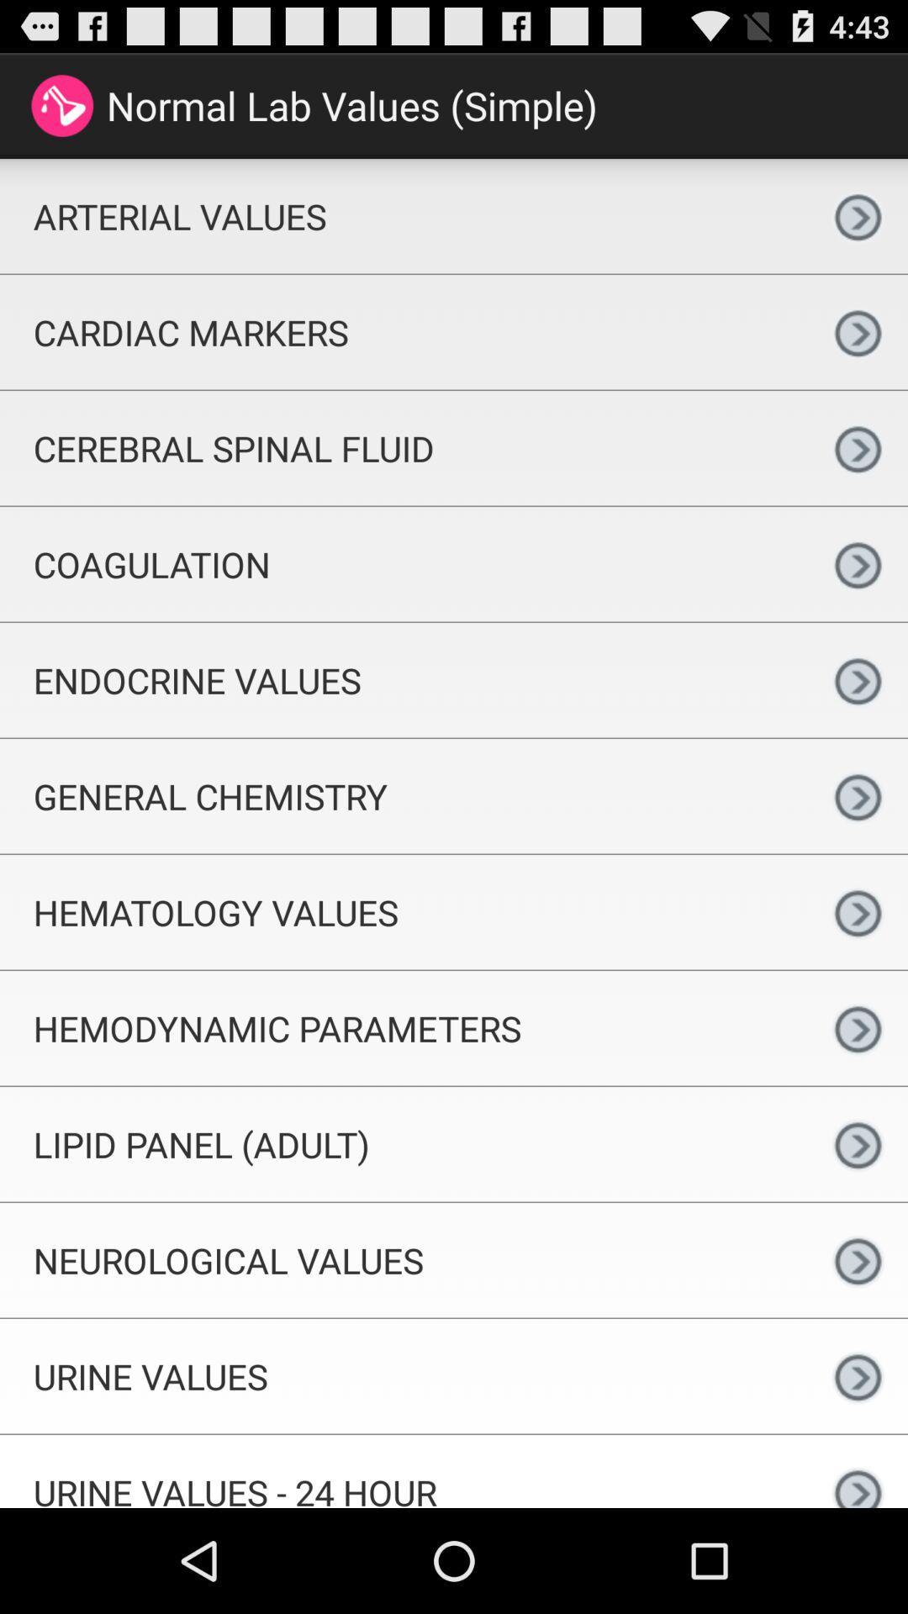 This screenshot has width=908, height=1614. I want to click on the hemodynamic parameters, so click(404, 1027).